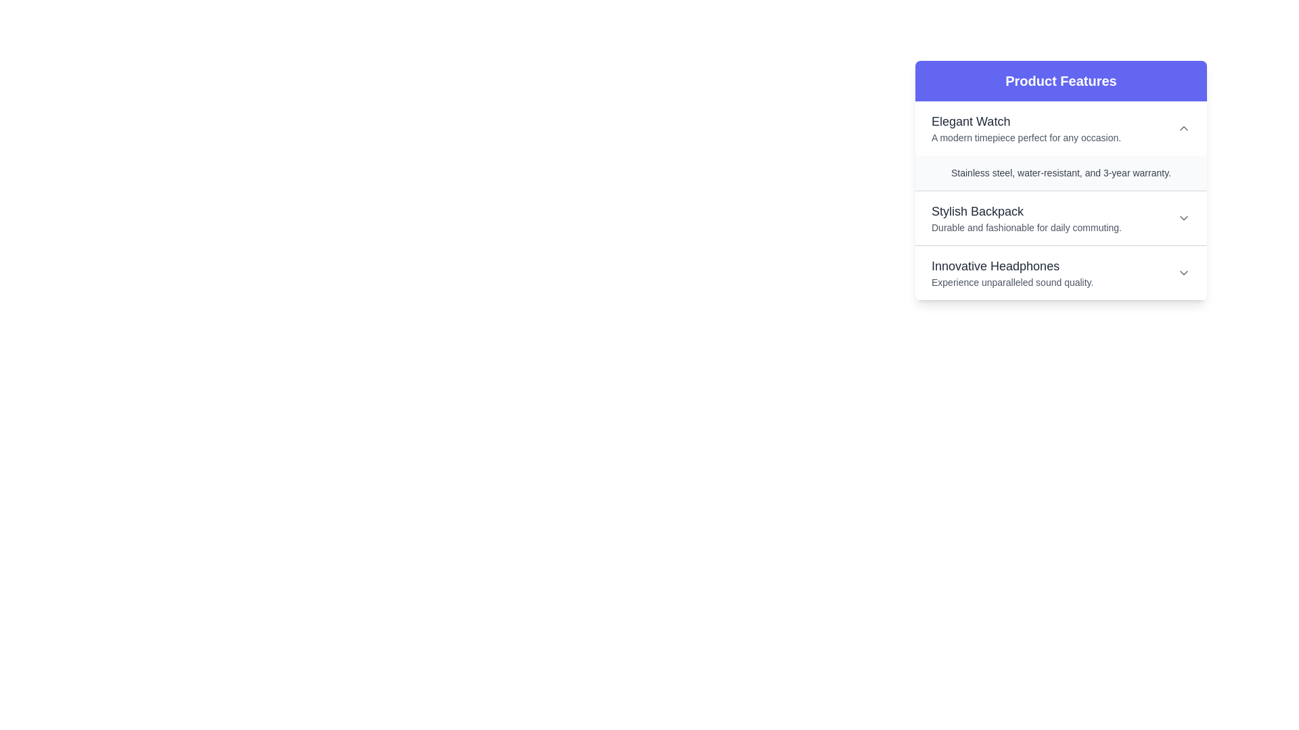  I want to click on text label providing a brief description of the product 'Elegant Watch', located within the 'Product Features' panel directly below the title 'Elegant Watch', so click(1026, 138).